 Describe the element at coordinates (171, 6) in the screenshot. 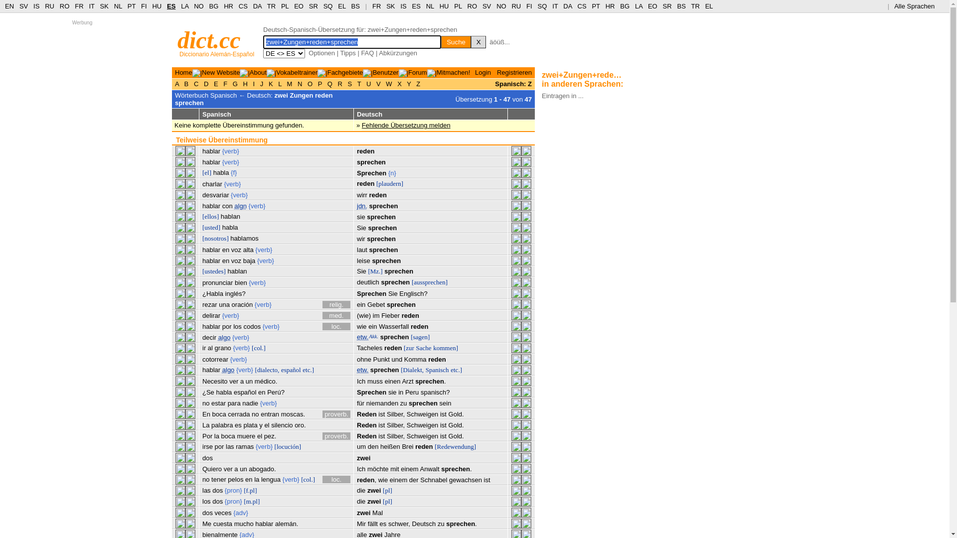

I see `'ES'` at that location.